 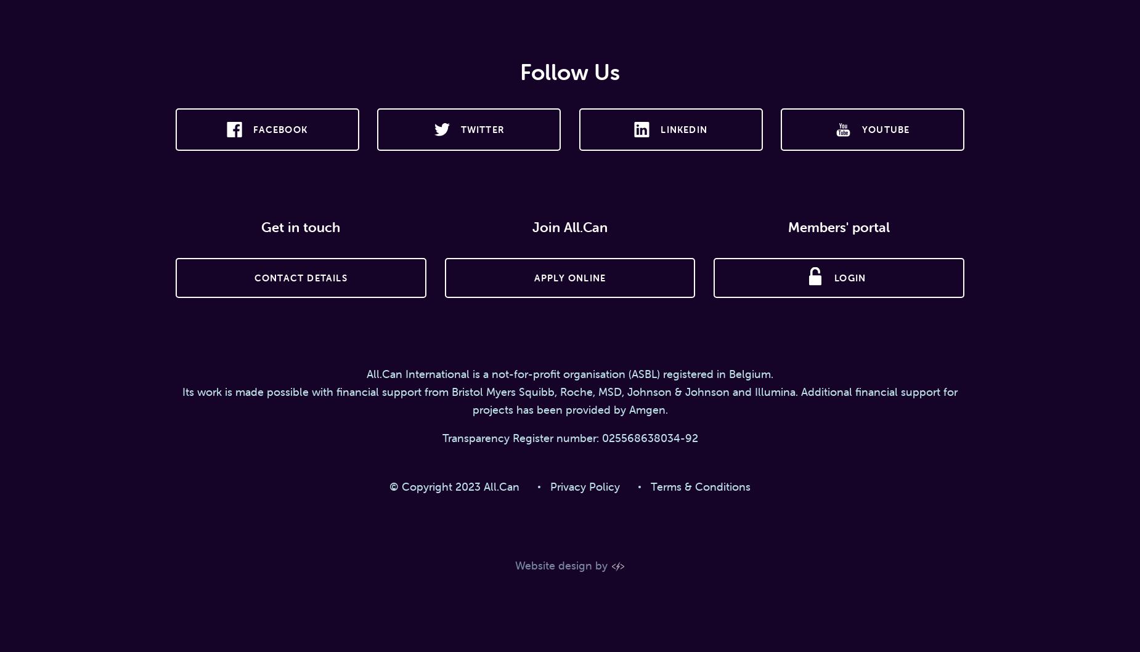 What do you see at coordinates (584, 486) in the screenshot?
I see `'Privacy Policy'` at bounding box center [584, 486].